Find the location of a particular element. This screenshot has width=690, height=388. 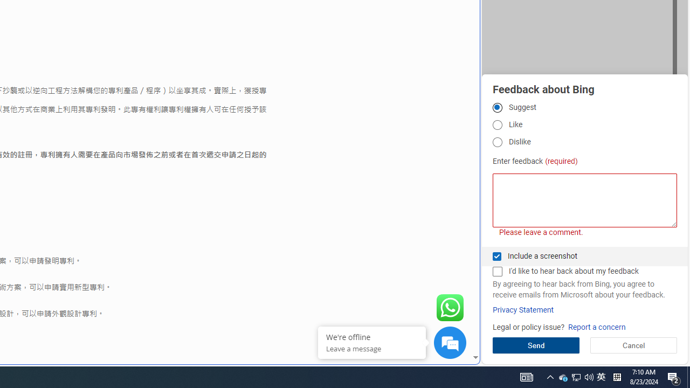

'Cancel' is located at coordinates (633, 345).